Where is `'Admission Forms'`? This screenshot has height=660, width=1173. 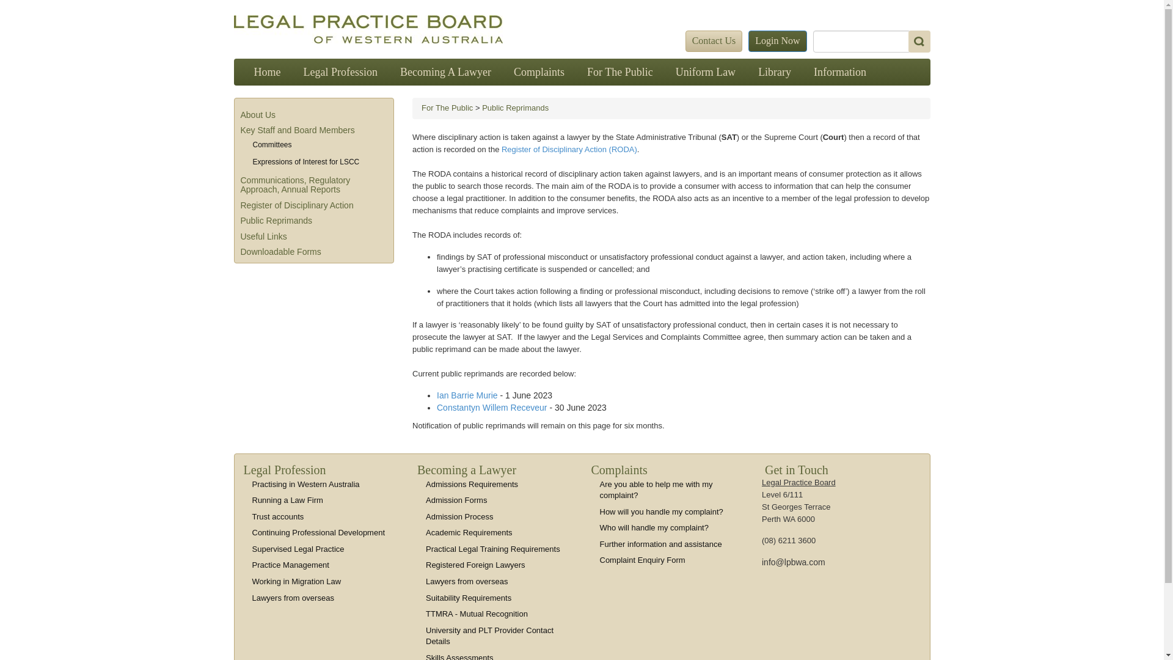
'Admission Forms' is located at coordinates (456, 500).